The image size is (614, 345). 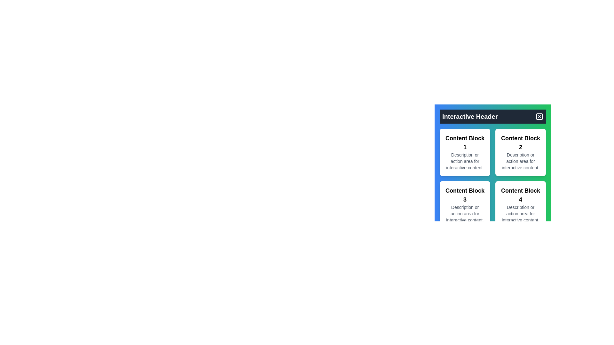 I want to click on the close button for the 'Interactive Header' section, indicated by its 'X' symbol, so click(x=539, y=117).